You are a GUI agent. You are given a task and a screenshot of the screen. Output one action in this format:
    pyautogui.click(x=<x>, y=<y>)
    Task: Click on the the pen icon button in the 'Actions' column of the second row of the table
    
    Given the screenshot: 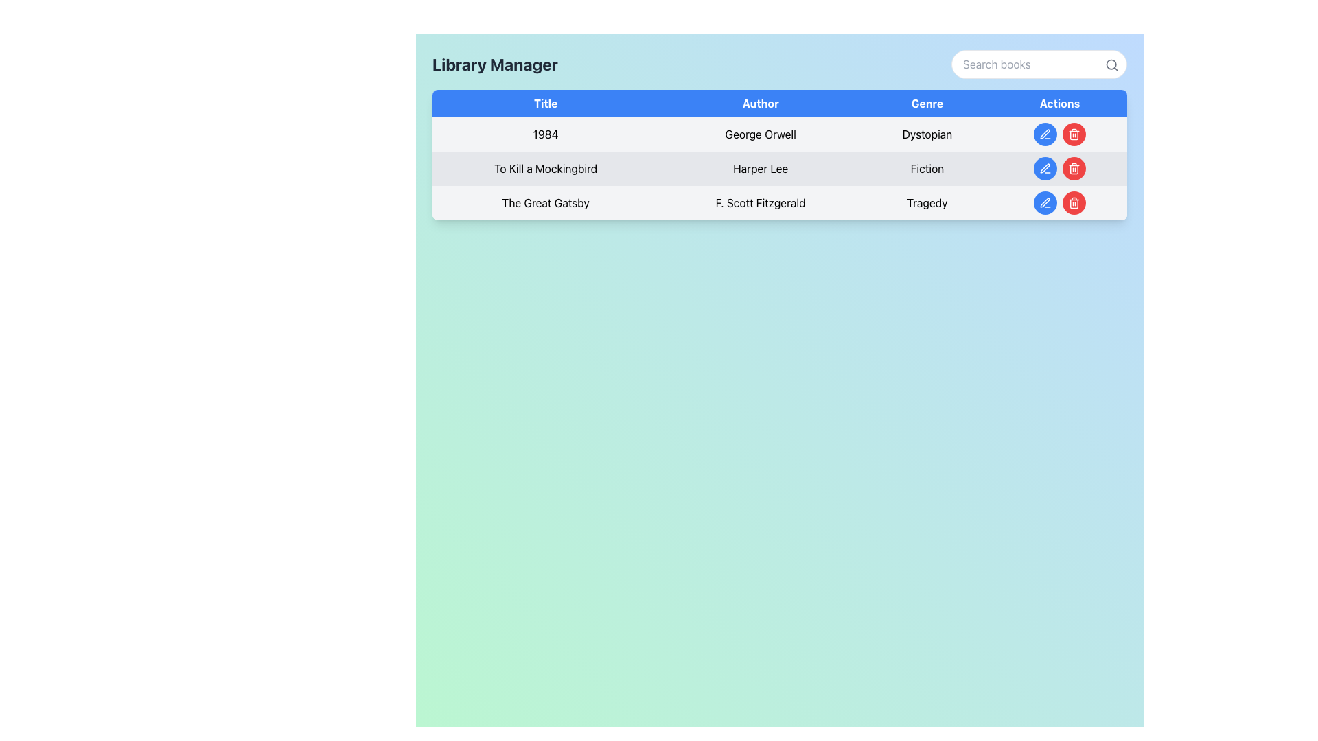 What is the action you would take?
    pyautogui.click(x=1044, y=168)
    